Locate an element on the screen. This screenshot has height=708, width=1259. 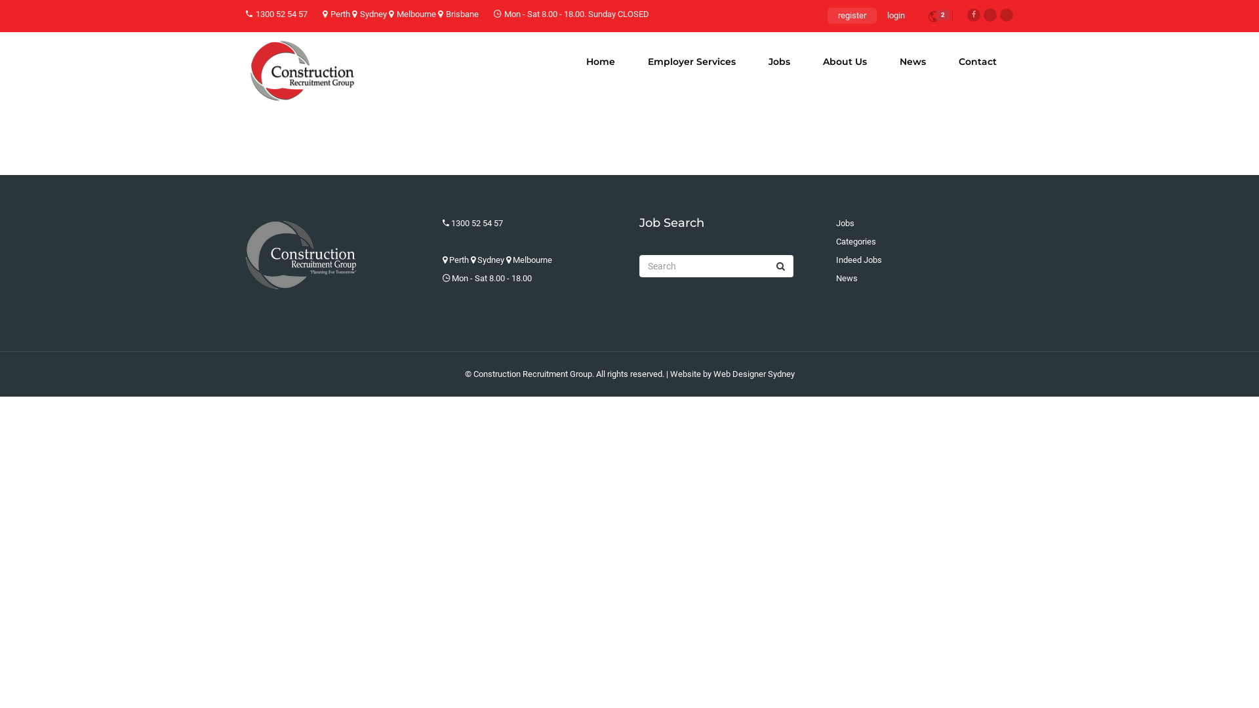
'About Us' is located at coordinates (805, 61).